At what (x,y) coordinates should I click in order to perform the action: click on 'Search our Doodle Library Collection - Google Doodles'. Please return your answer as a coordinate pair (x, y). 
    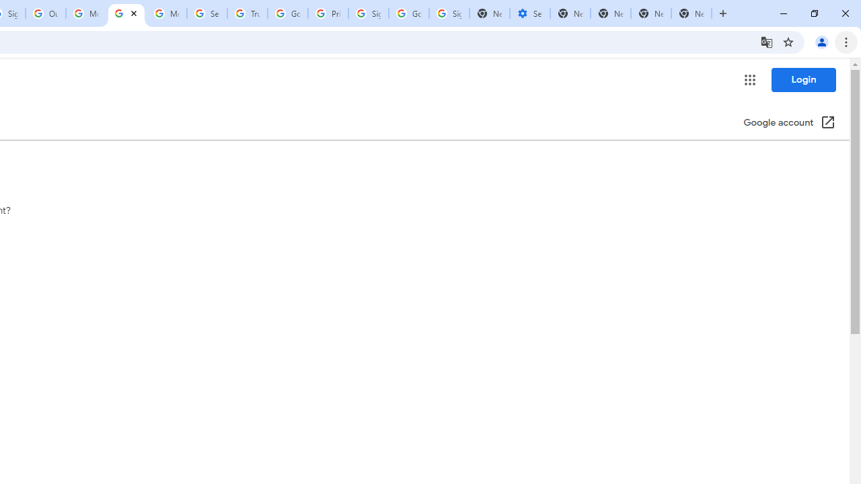
    Looking at the image, I should click on (206, 13).